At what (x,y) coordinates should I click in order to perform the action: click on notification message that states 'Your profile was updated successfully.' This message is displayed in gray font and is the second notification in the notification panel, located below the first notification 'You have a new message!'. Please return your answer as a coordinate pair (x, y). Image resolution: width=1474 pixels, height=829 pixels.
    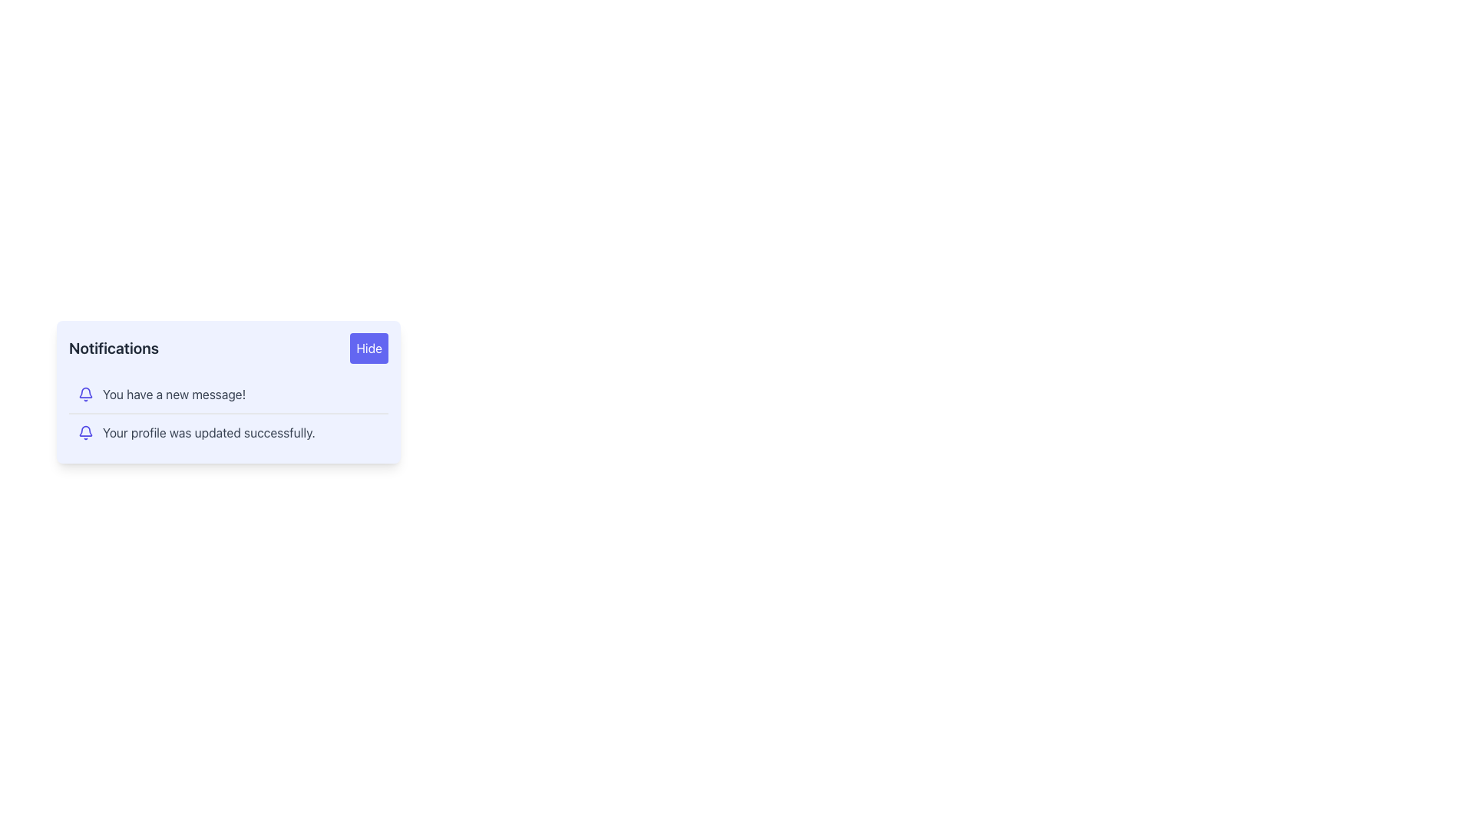
    Looking at the image, I should click on (208, 432).